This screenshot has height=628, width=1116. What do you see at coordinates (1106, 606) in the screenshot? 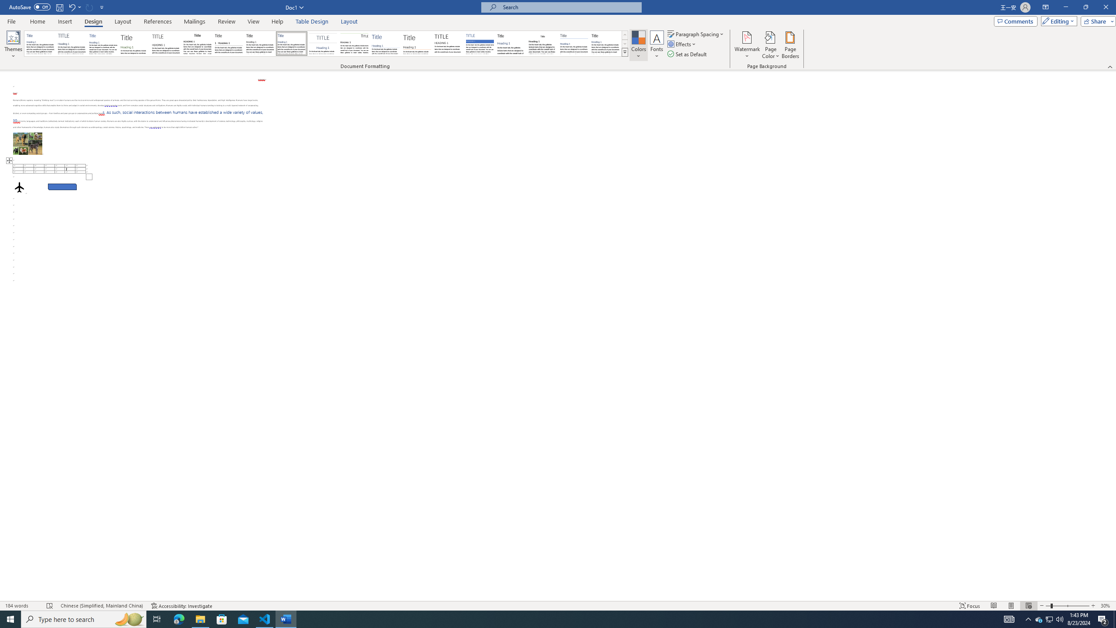
I see `'Zoom 30%'` at bounding box center [1106, 606].